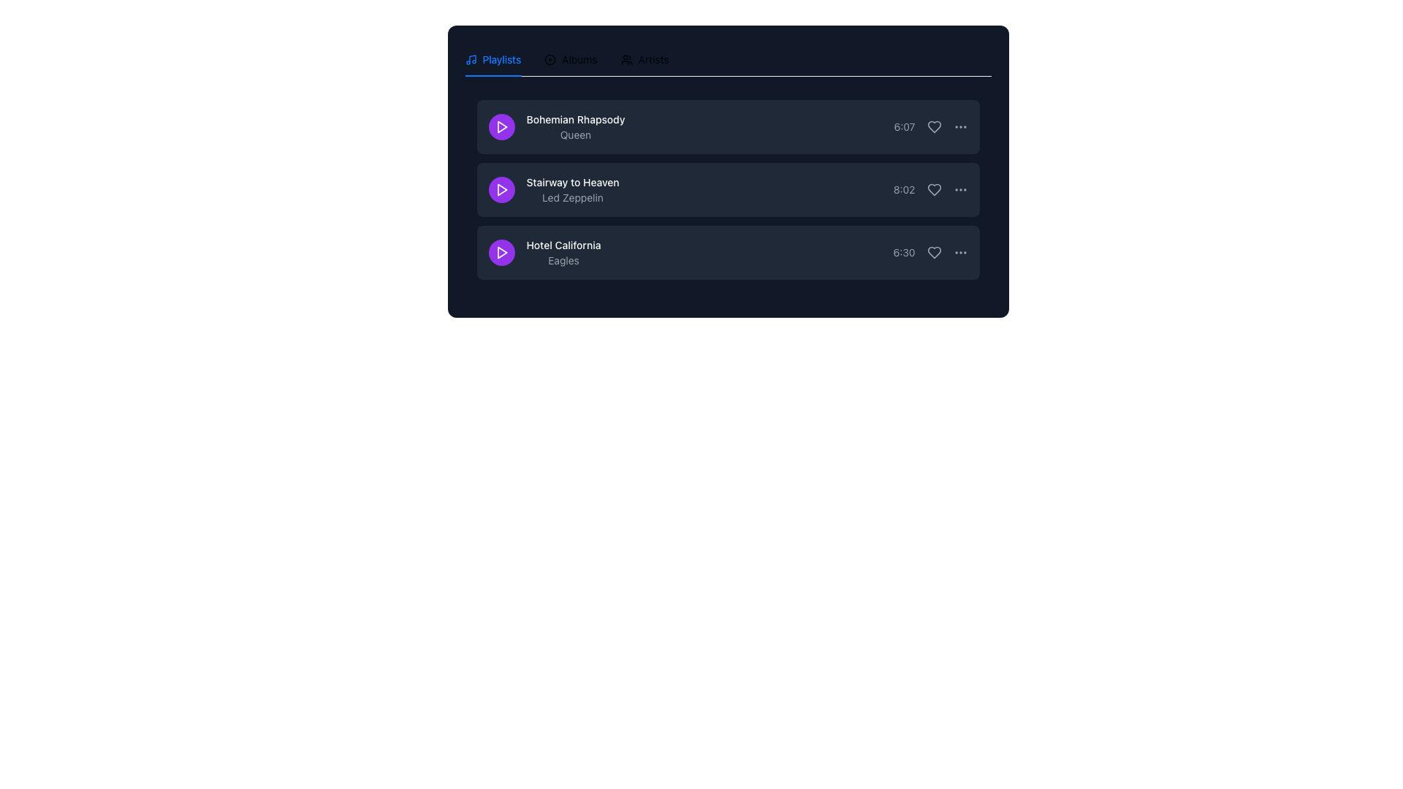  What do you see at coordinates (501, 126) in the screenshot?
I see `the play button icon for the 'Bohemian Rhapsody' playlist item, which is enclosed in a purple circular background and located immediately to the left of the associated text` at bounding box center [501, 126].